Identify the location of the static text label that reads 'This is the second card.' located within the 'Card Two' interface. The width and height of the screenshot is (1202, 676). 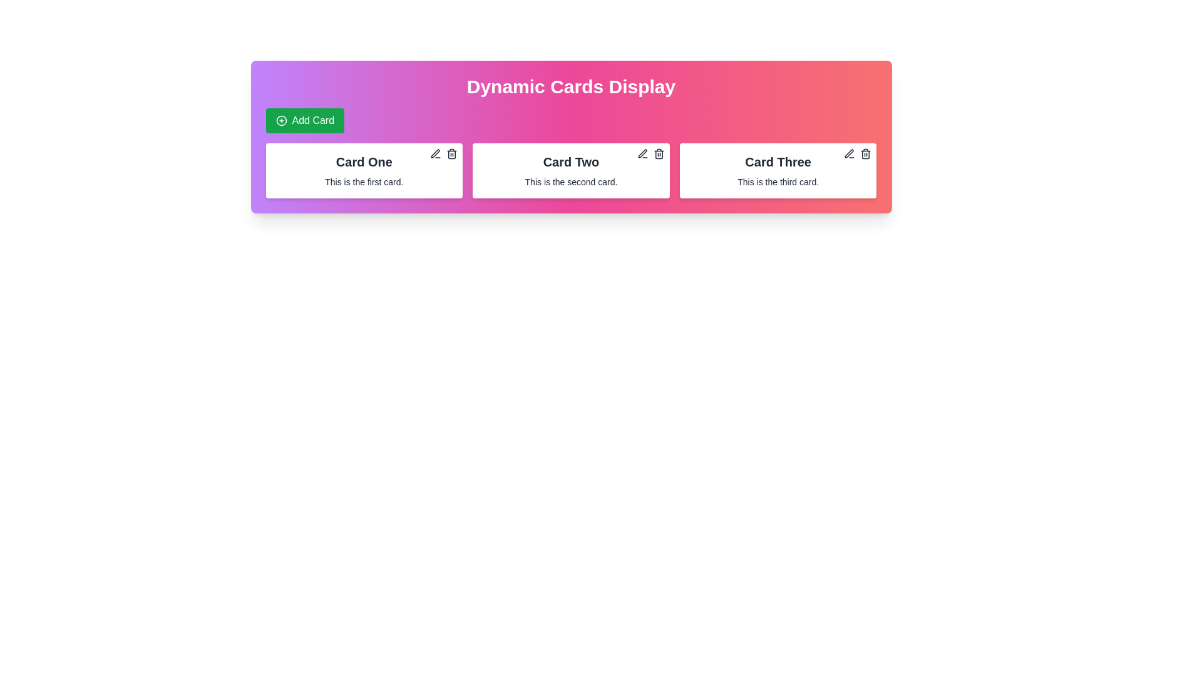
(570, 182).